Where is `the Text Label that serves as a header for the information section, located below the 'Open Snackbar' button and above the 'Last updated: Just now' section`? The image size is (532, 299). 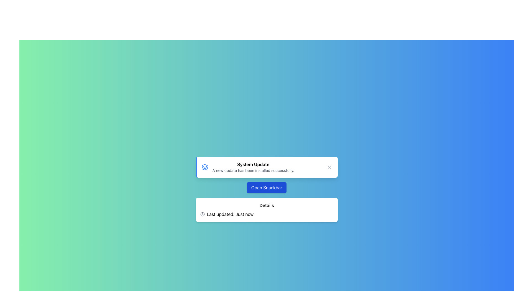 the Text Label that serves as a header for the information section, located below the 'Open Snackbar' button and above the 'Last updated: Just now' section is located at coordinates (267, 205).